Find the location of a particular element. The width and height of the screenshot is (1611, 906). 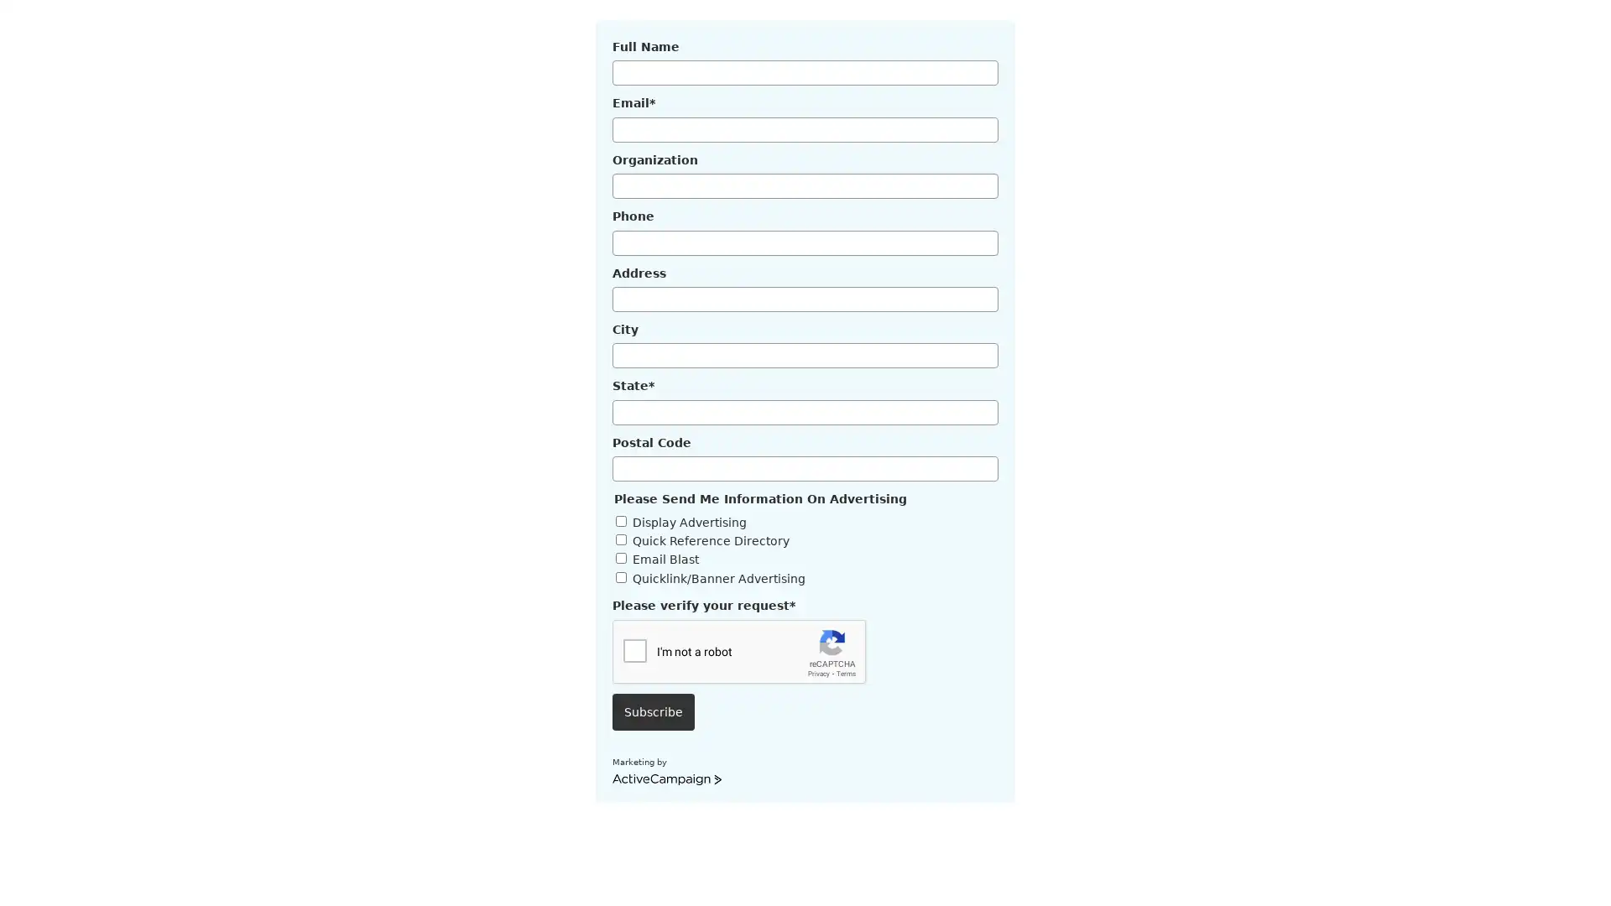

Subscribe is located at coordinates (652, 711).